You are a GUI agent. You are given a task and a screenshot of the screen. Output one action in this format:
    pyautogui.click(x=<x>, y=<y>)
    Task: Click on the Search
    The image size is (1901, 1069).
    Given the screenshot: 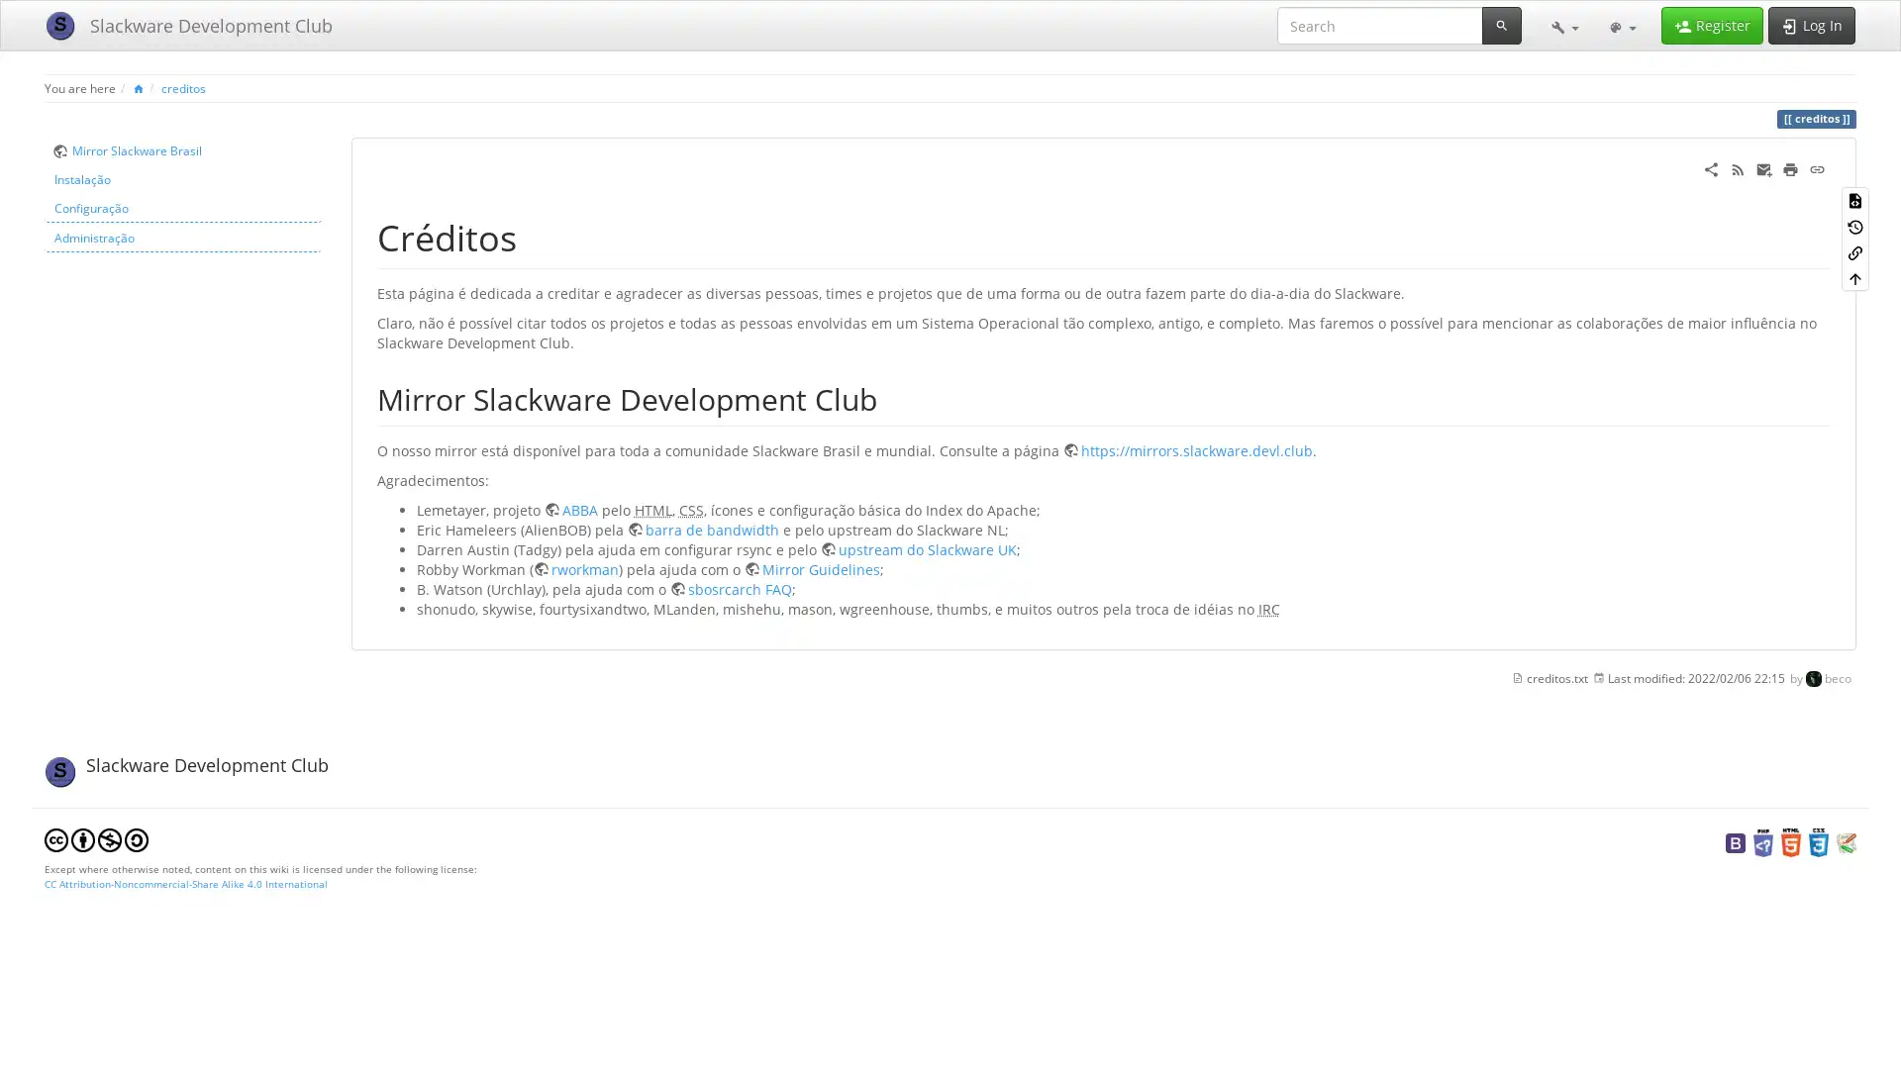 What is the action you would take?
    pyautogui.click(x=1501, y=26)
    